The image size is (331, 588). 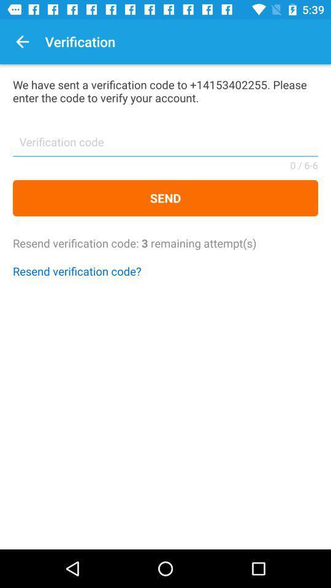 I want to click on the item to the left of verification, so click(x=22, y=42).